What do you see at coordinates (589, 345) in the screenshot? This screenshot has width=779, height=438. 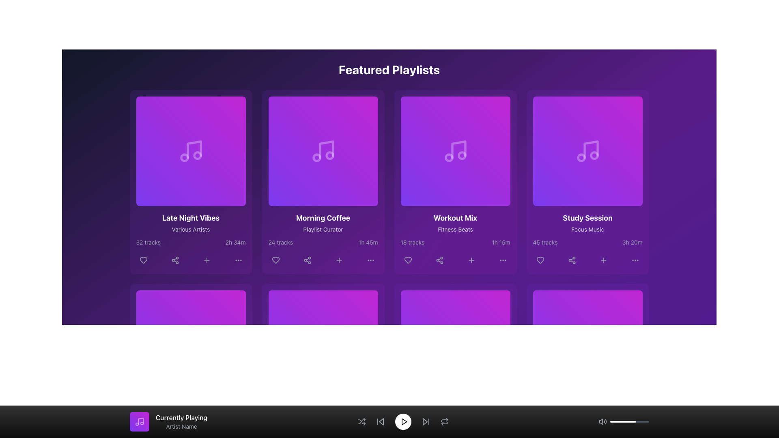 I see `the visual cues of the triangular play icon located in the bottom navigation bar, which serves as a decorative element within the play/pause button` at bounding box center [589, 345].